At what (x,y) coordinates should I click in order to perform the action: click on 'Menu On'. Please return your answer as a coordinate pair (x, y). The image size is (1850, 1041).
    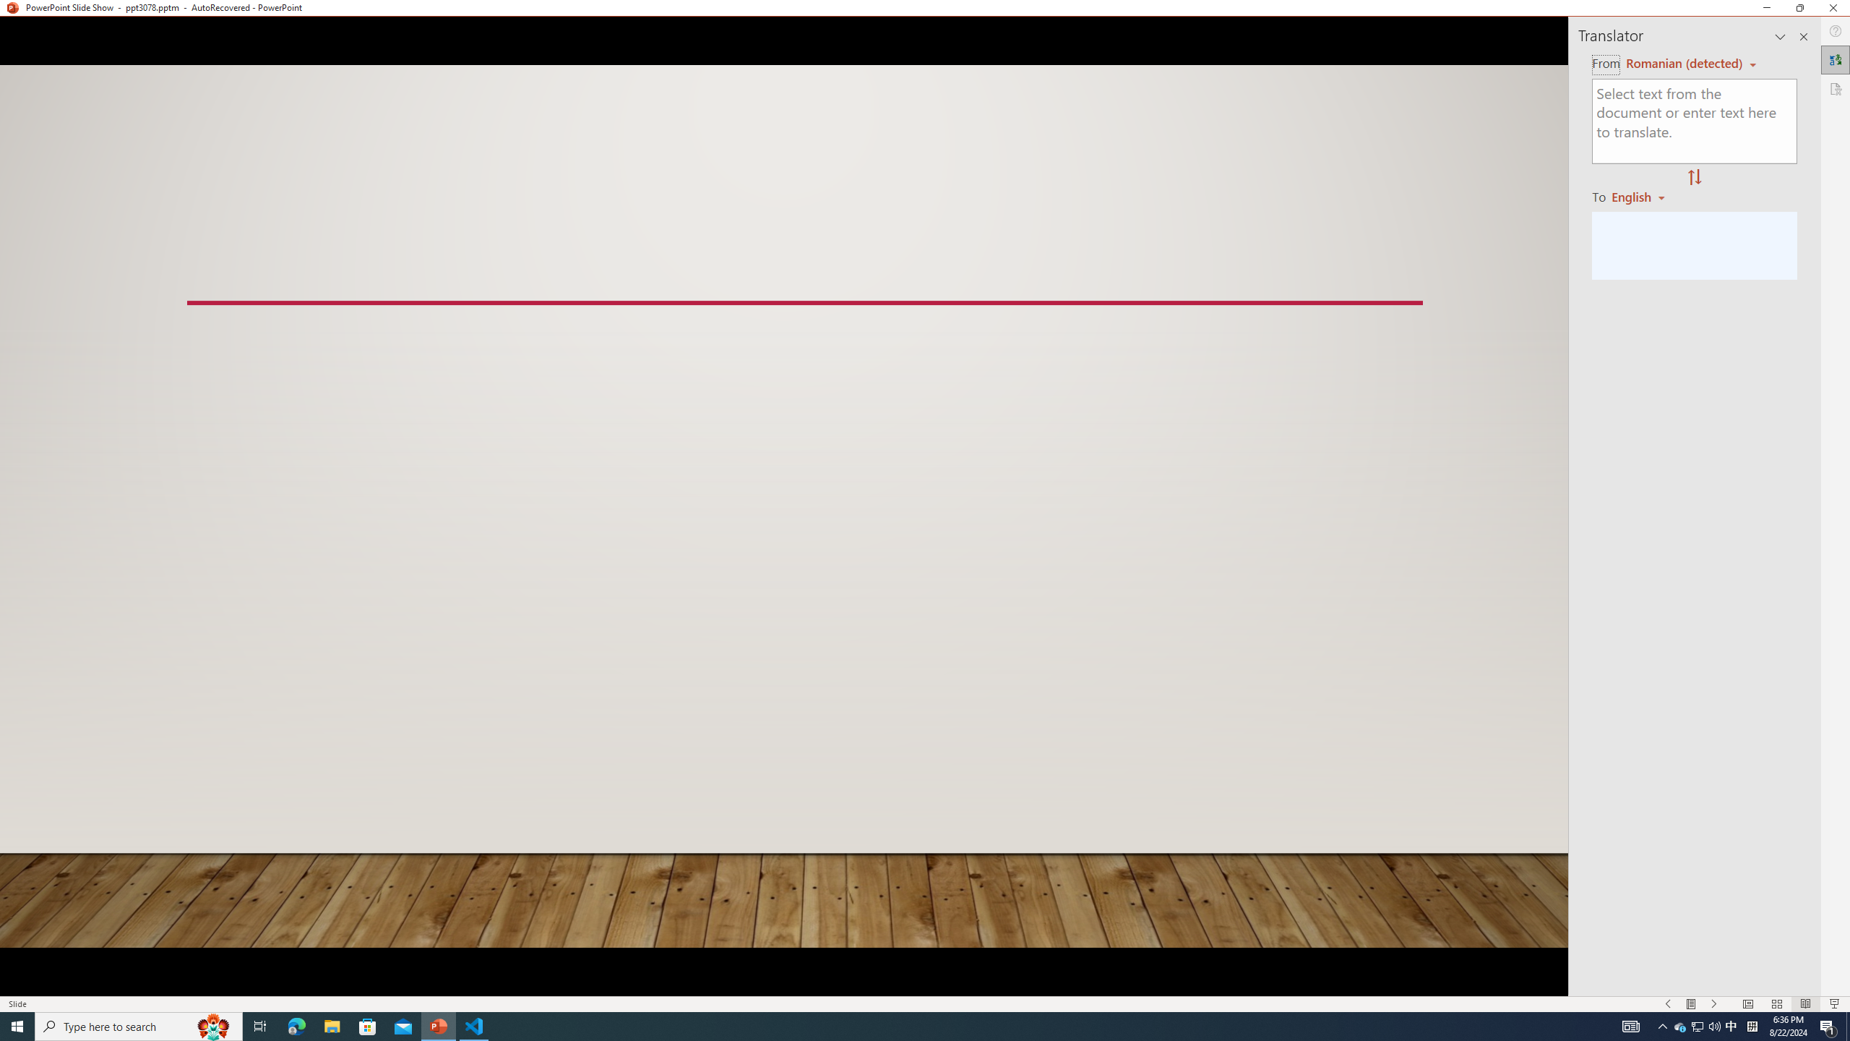
    Looking at the image, I should click on (1691, 1004).